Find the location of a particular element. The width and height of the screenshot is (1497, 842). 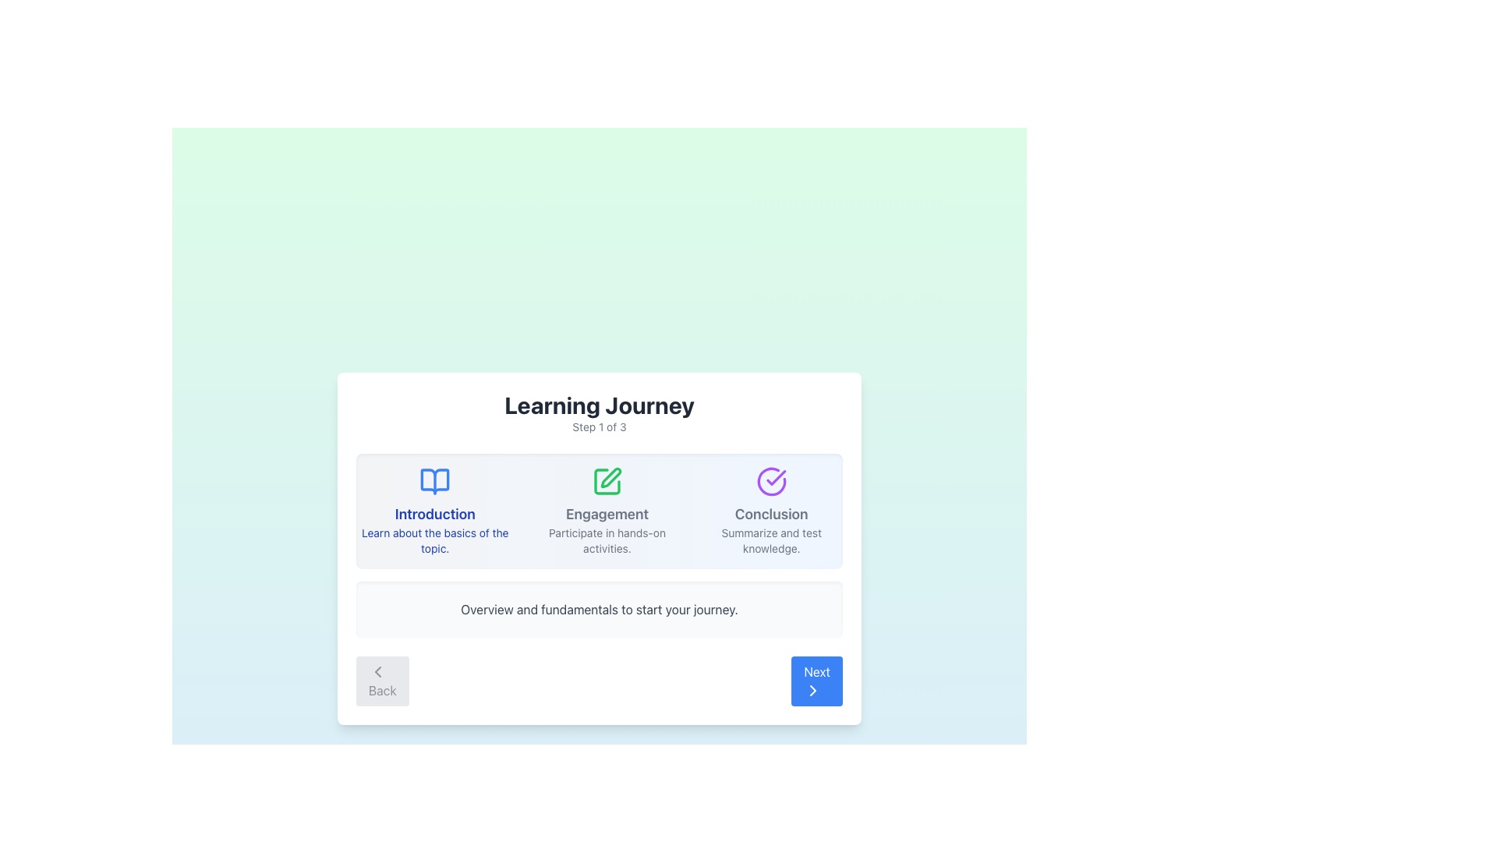

the 'Back' button that contains a leftward-pointing chevron icon, located at the bottom-left of the 'Learning Journey' interface is located at coordinates (377, 670).